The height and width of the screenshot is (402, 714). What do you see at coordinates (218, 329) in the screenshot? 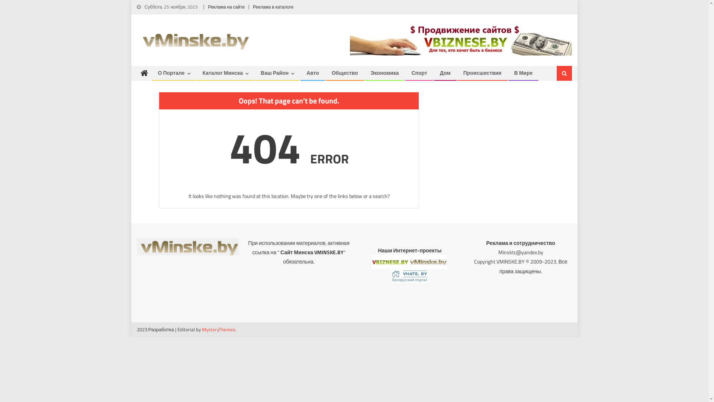
I see `'MysteryThemes'` at bounding box center [218, 329].